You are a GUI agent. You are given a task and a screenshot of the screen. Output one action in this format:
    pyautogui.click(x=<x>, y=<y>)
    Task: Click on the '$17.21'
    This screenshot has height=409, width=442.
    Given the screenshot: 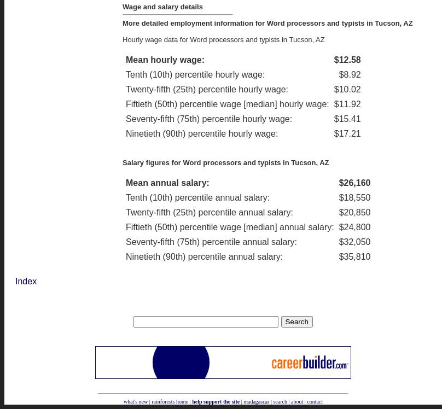 What is the action you would take?
    pyautogui.click(x=334, y=132)
    